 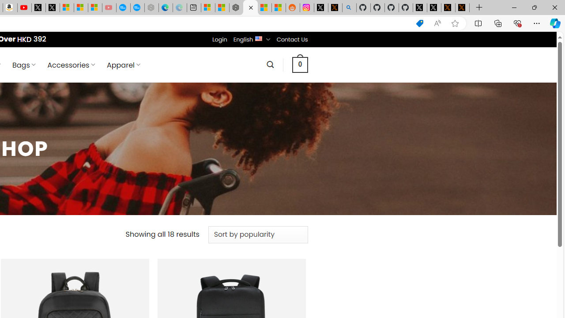 What do you see at coordinates (498, 23) in the screenshot?
I see `'Collections'` at bounding box center [498, 23].